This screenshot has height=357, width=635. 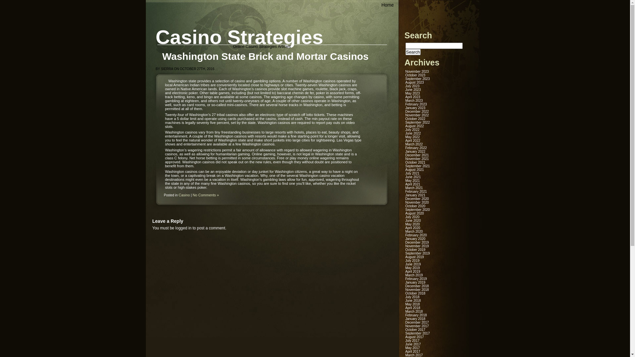 What do you see at coordinates (417, 246) in the screenshot?
I see `'November 2019'` at bounding box center [417, 246].